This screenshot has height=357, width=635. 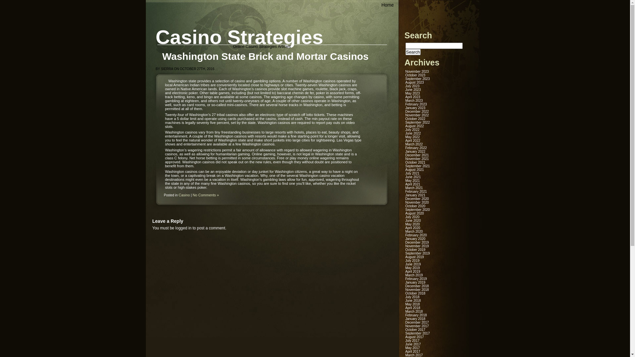 What do you see at coordinates (417, 246) in the screenshot?
I see `'November 2019'` at bounding box center [417, 246].